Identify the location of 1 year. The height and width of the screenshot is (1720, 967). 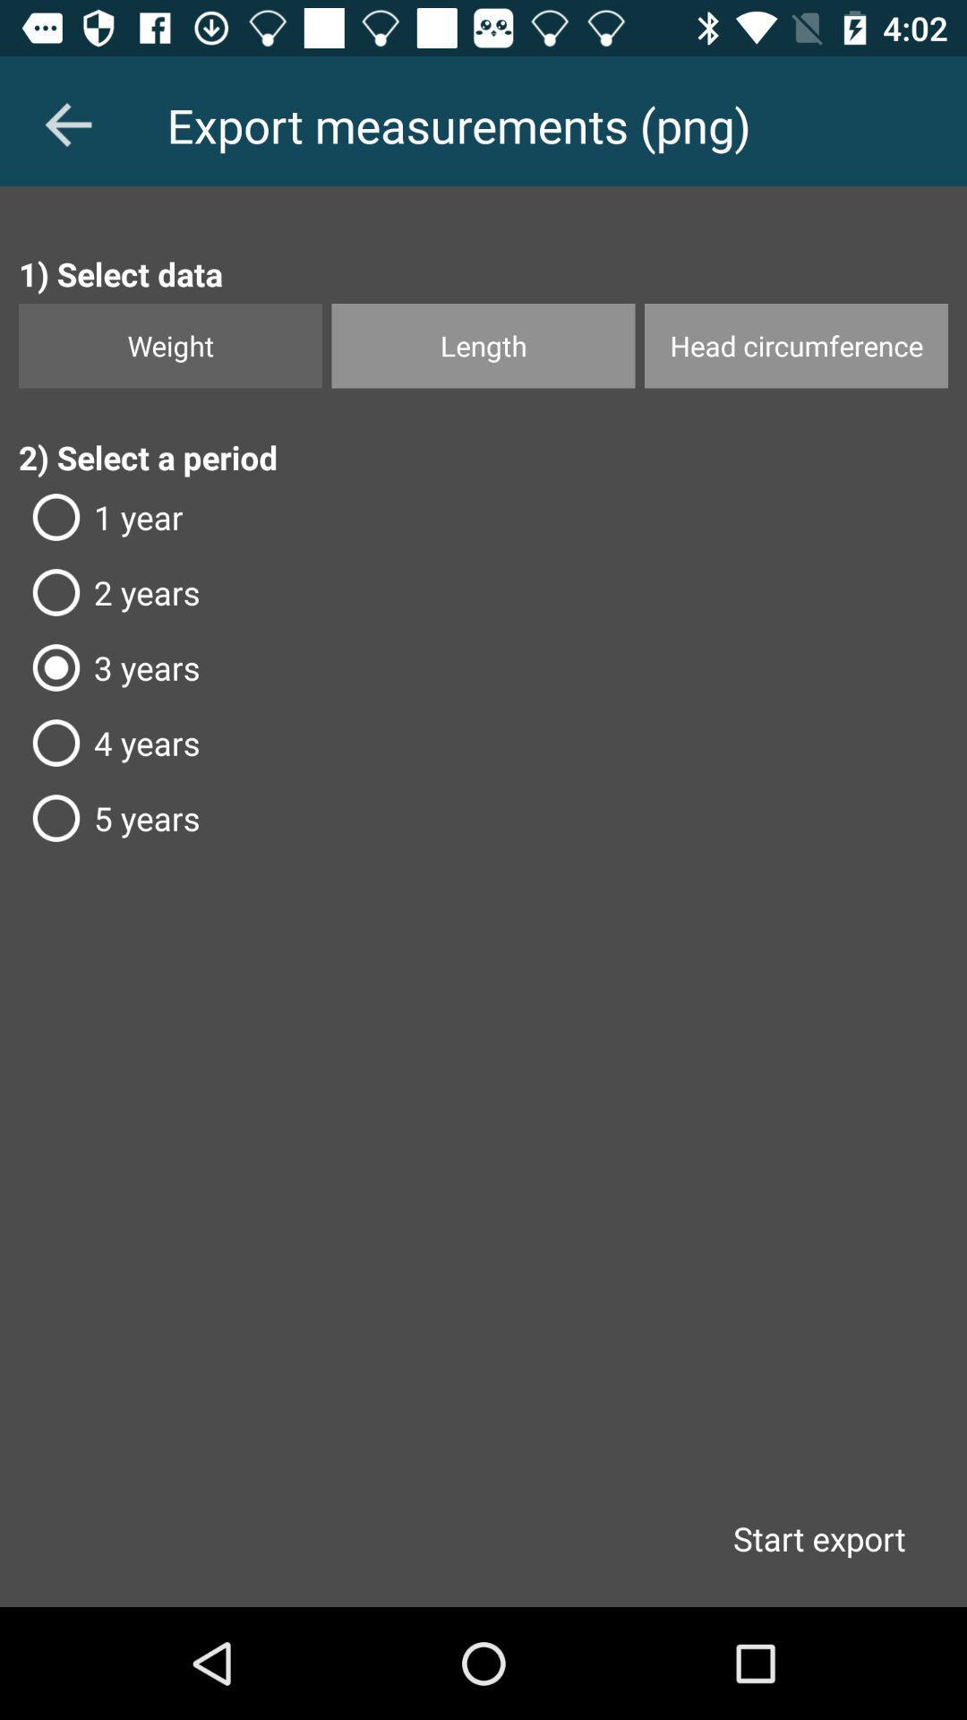
(483, 516).